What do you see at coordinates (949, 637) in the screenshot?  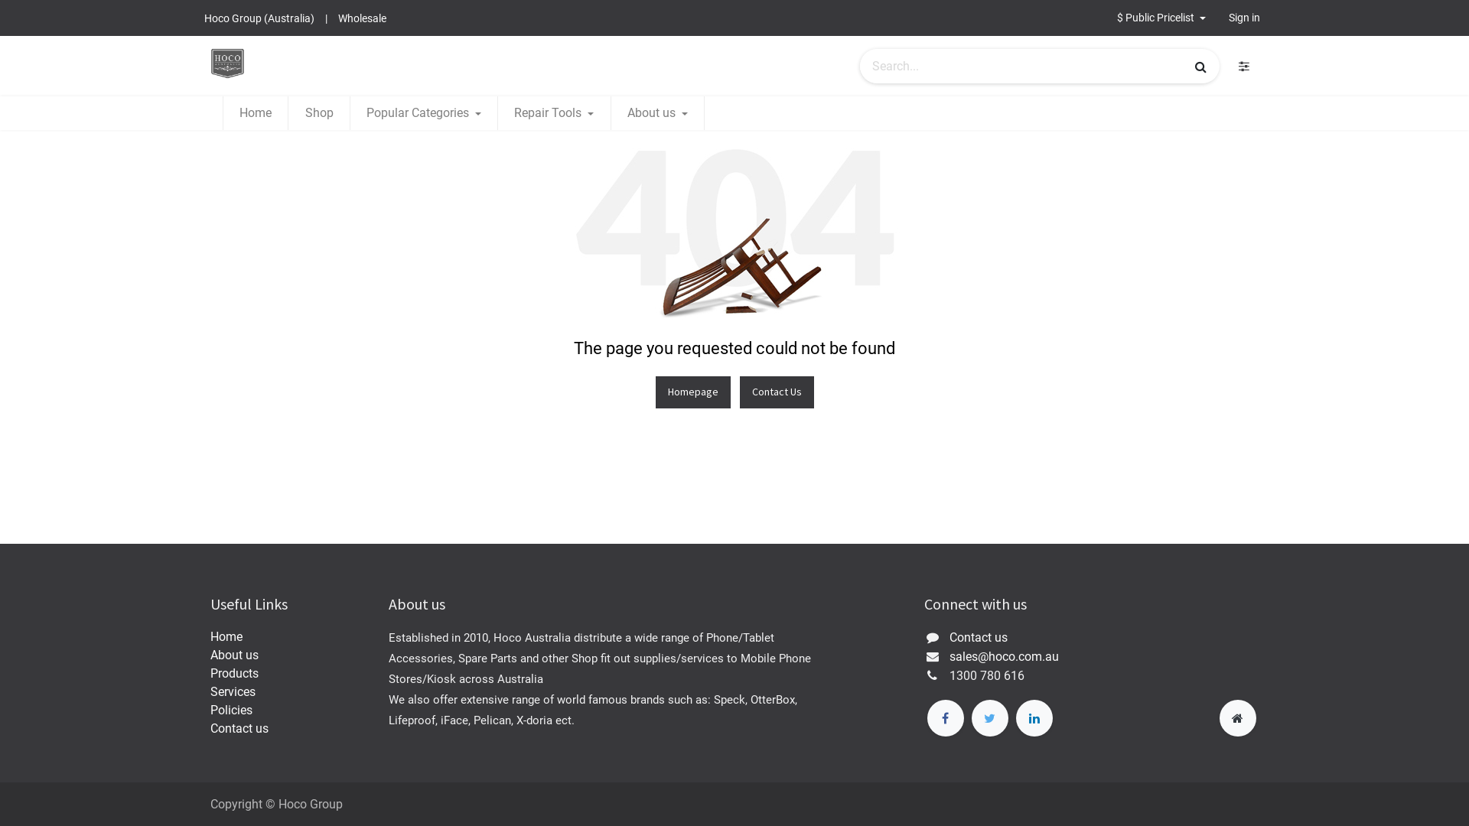 I see `'Contact us'` at bounding box center [949, 637].